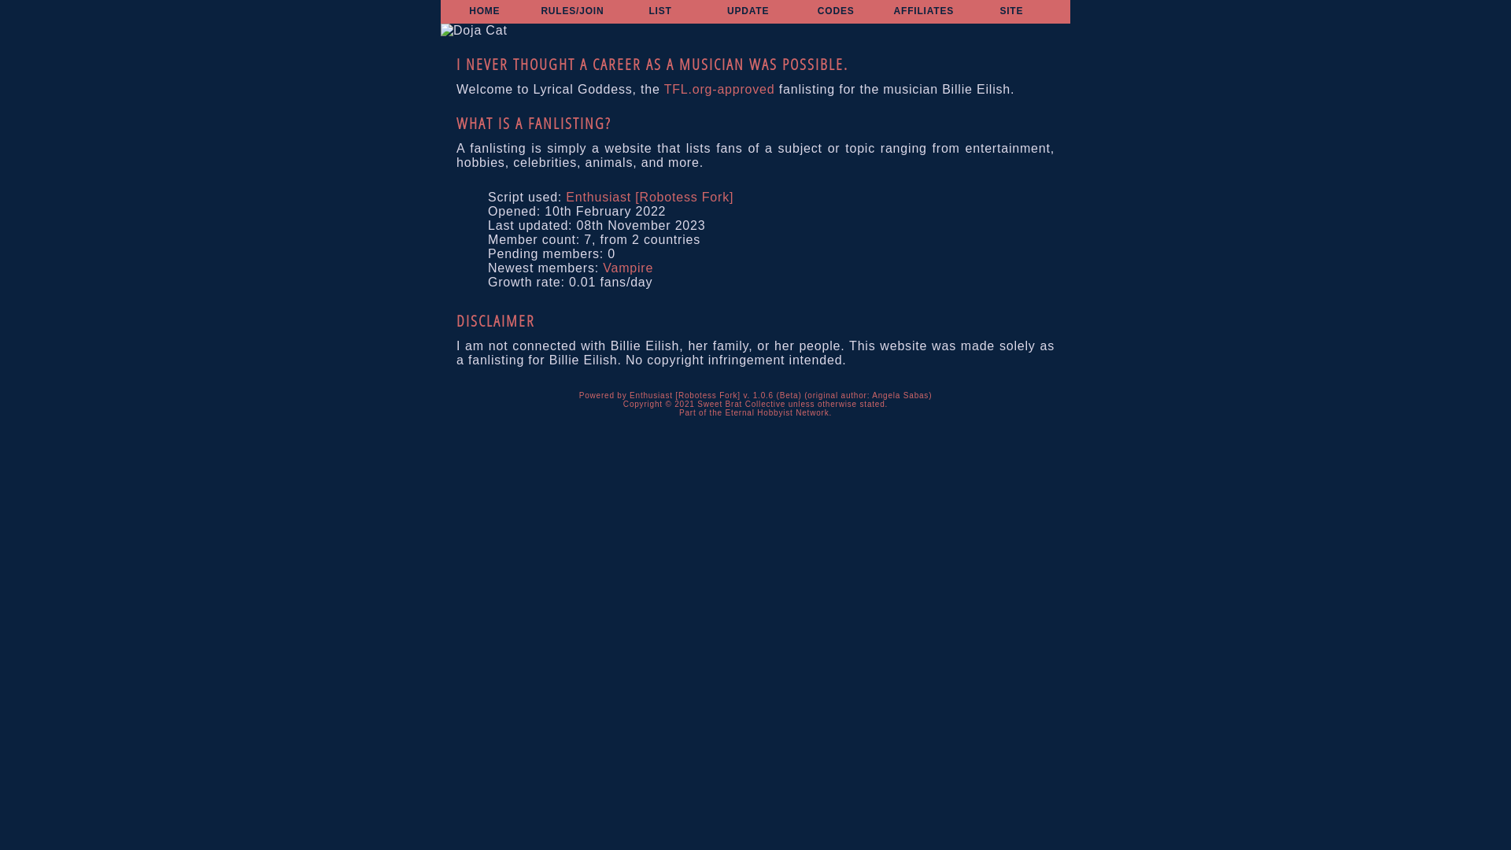 This screenshot has height=850, width=1511. I want to click on 'TFL.org-approved', so click(719, 89).